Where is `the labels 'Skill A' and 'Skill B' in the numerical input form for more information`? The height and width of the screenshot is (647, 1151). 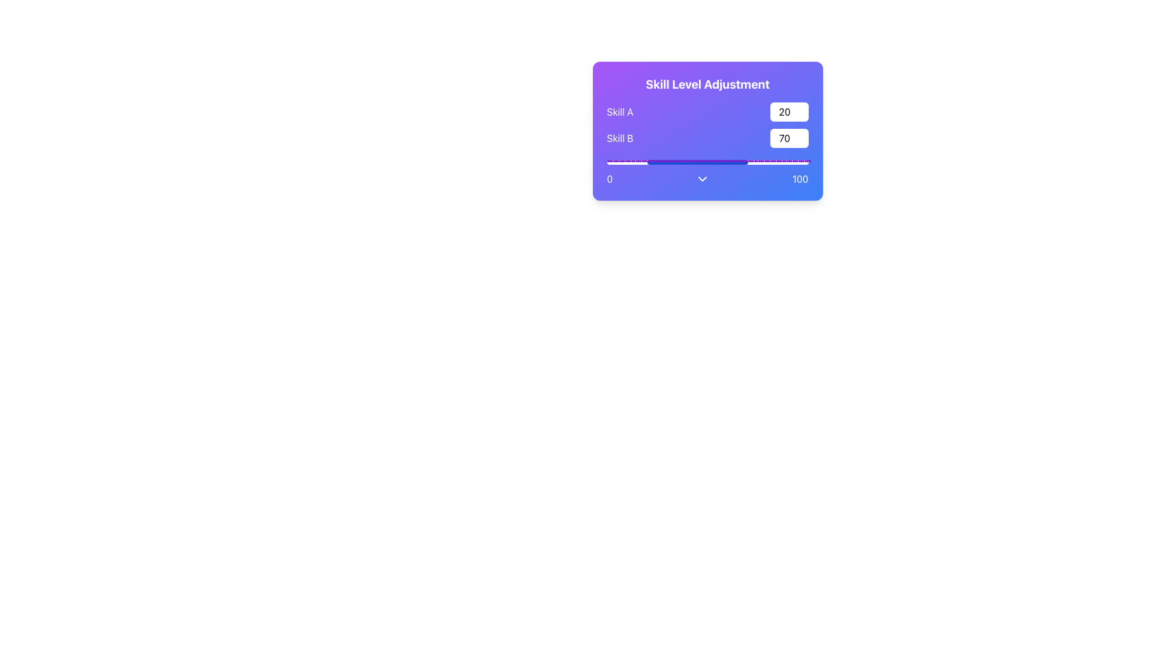 the labels 'Skill A' and 'Skill B' in the numerical input form for more information is located at coordinates (707, 125).